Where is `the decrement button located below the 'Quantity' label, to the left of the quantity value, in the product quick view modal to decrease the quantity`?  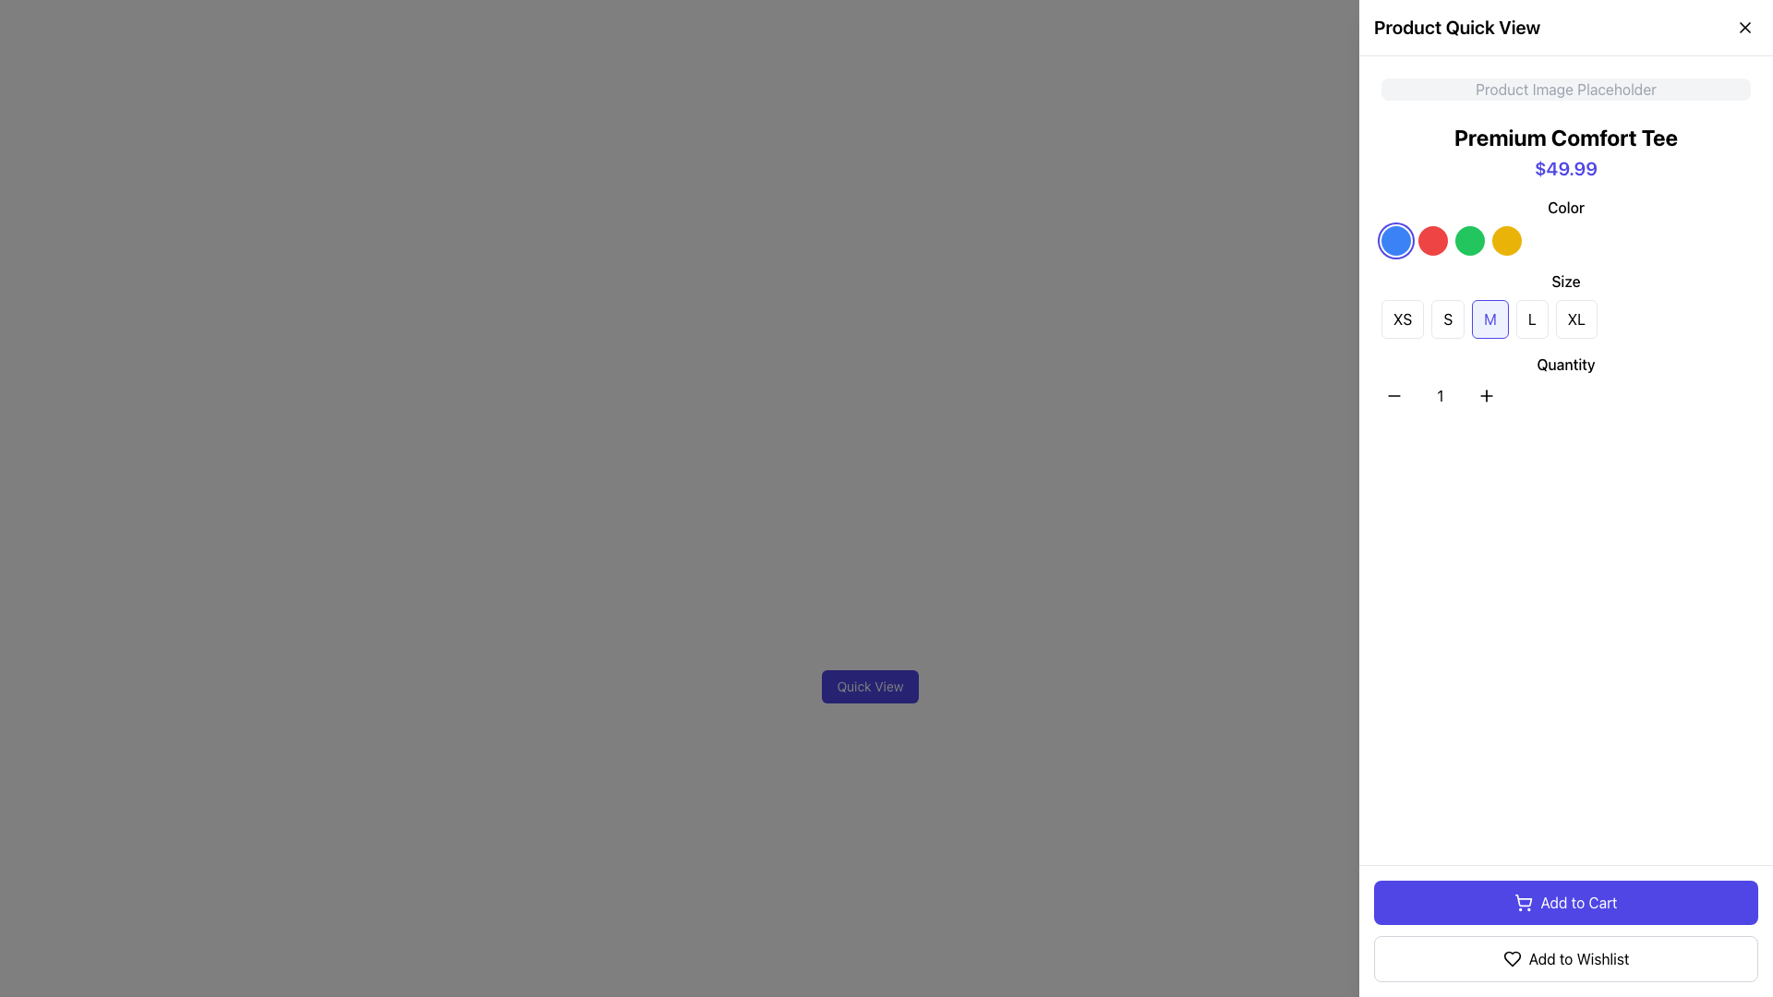 the decrement button located below the 'Quantity' label, to the left of the quantity value, in the product quick view modal to decrease the quantity is located at coordinates (1394, 394).